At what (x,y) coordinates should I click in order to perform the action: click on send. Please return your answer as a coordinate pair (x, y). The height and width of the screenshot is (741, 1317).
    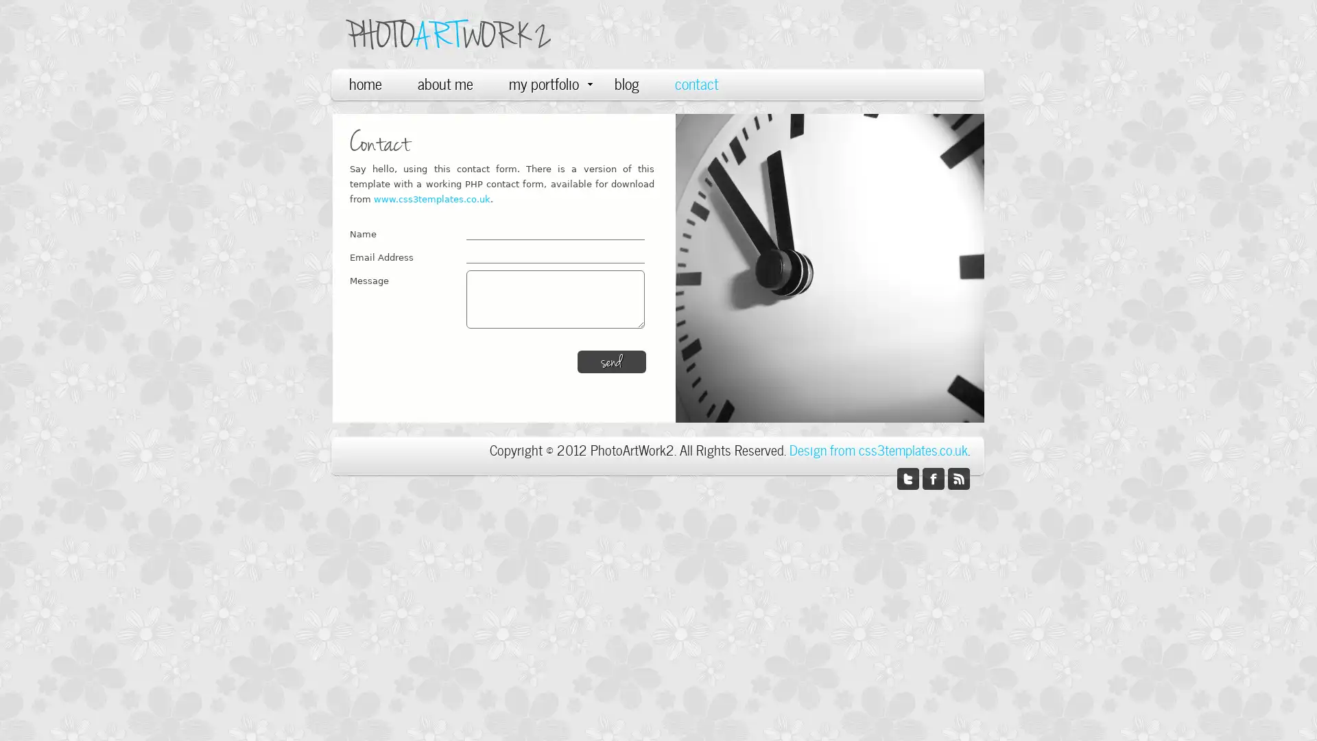
    Looking at the image, I should click on (611, 361).